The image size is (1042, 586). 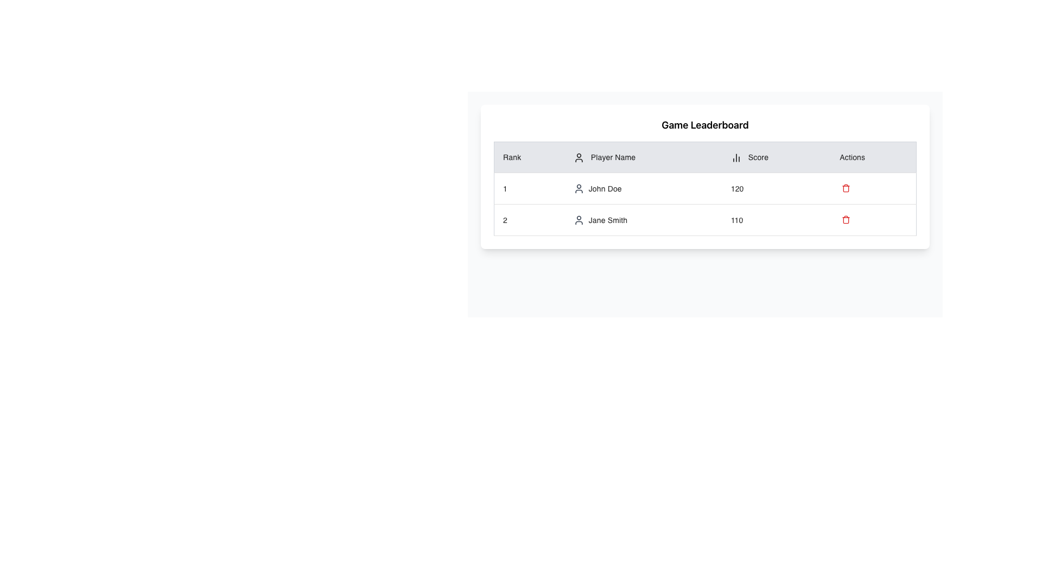 I want to click on the content of the table cell containing the text '1', located in the first cell of the first row under the 'Rank' column of the leaderboard table, so click(x=529, y=188).